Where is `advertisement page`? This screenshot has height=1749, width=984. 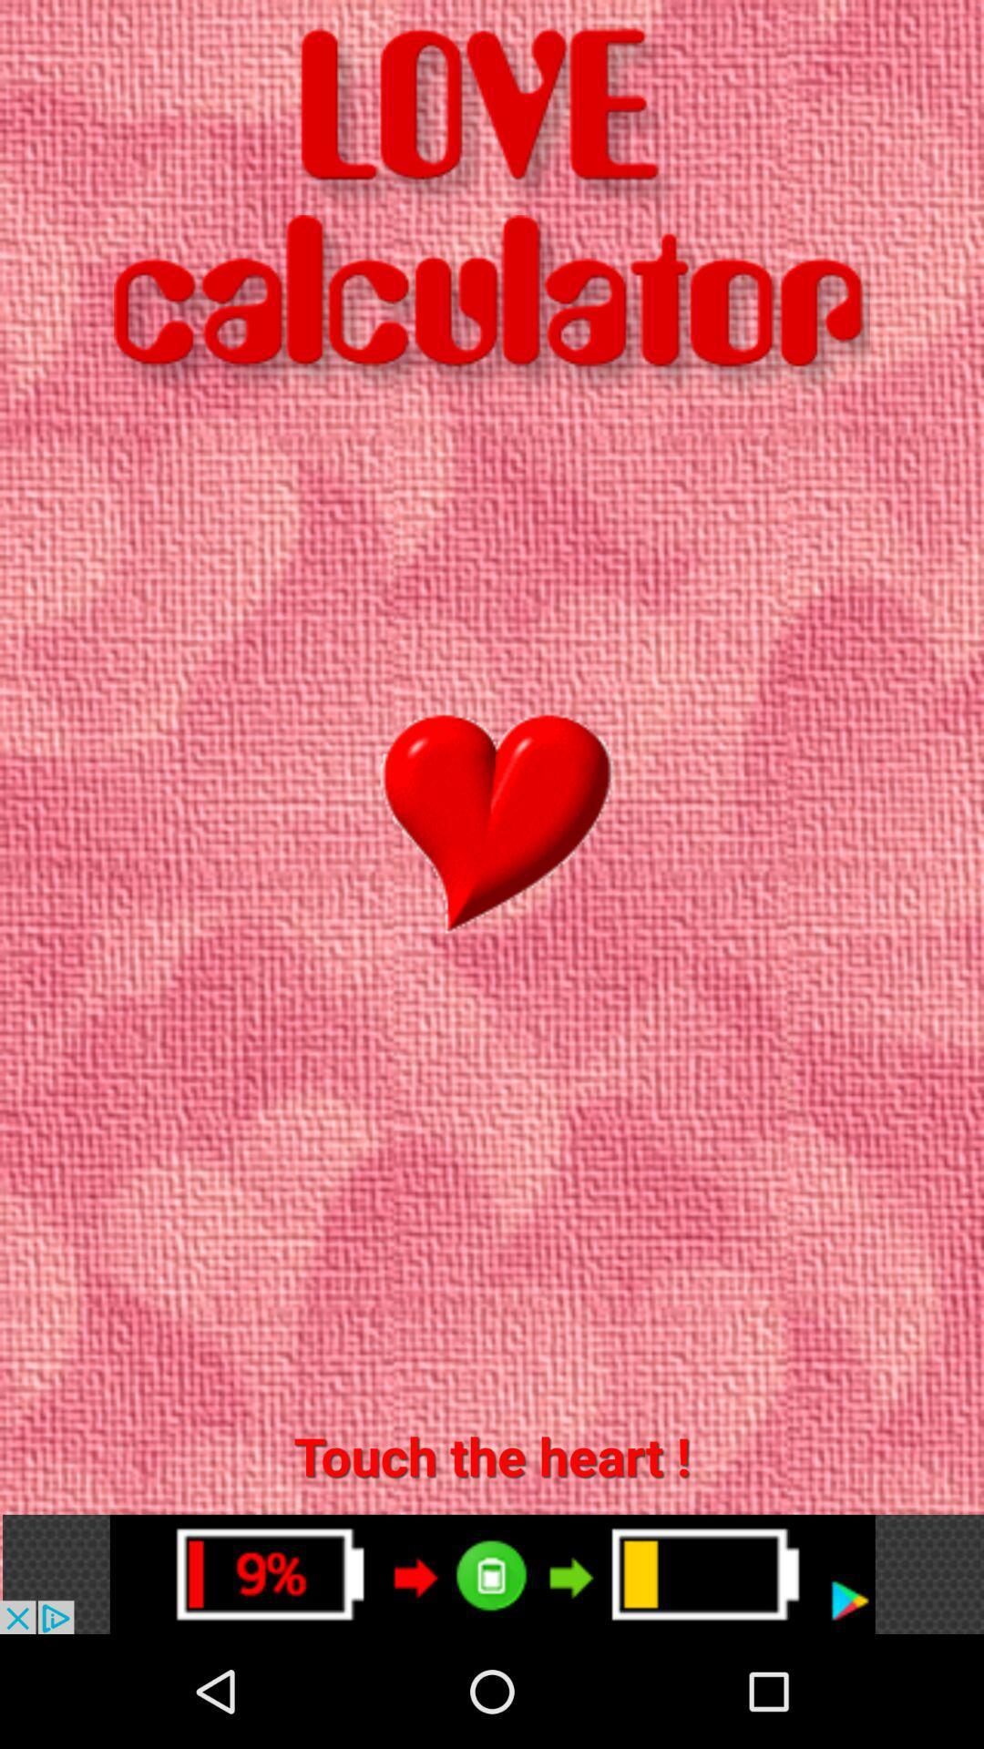
advertisement page is located at coordinates (492, 1573).